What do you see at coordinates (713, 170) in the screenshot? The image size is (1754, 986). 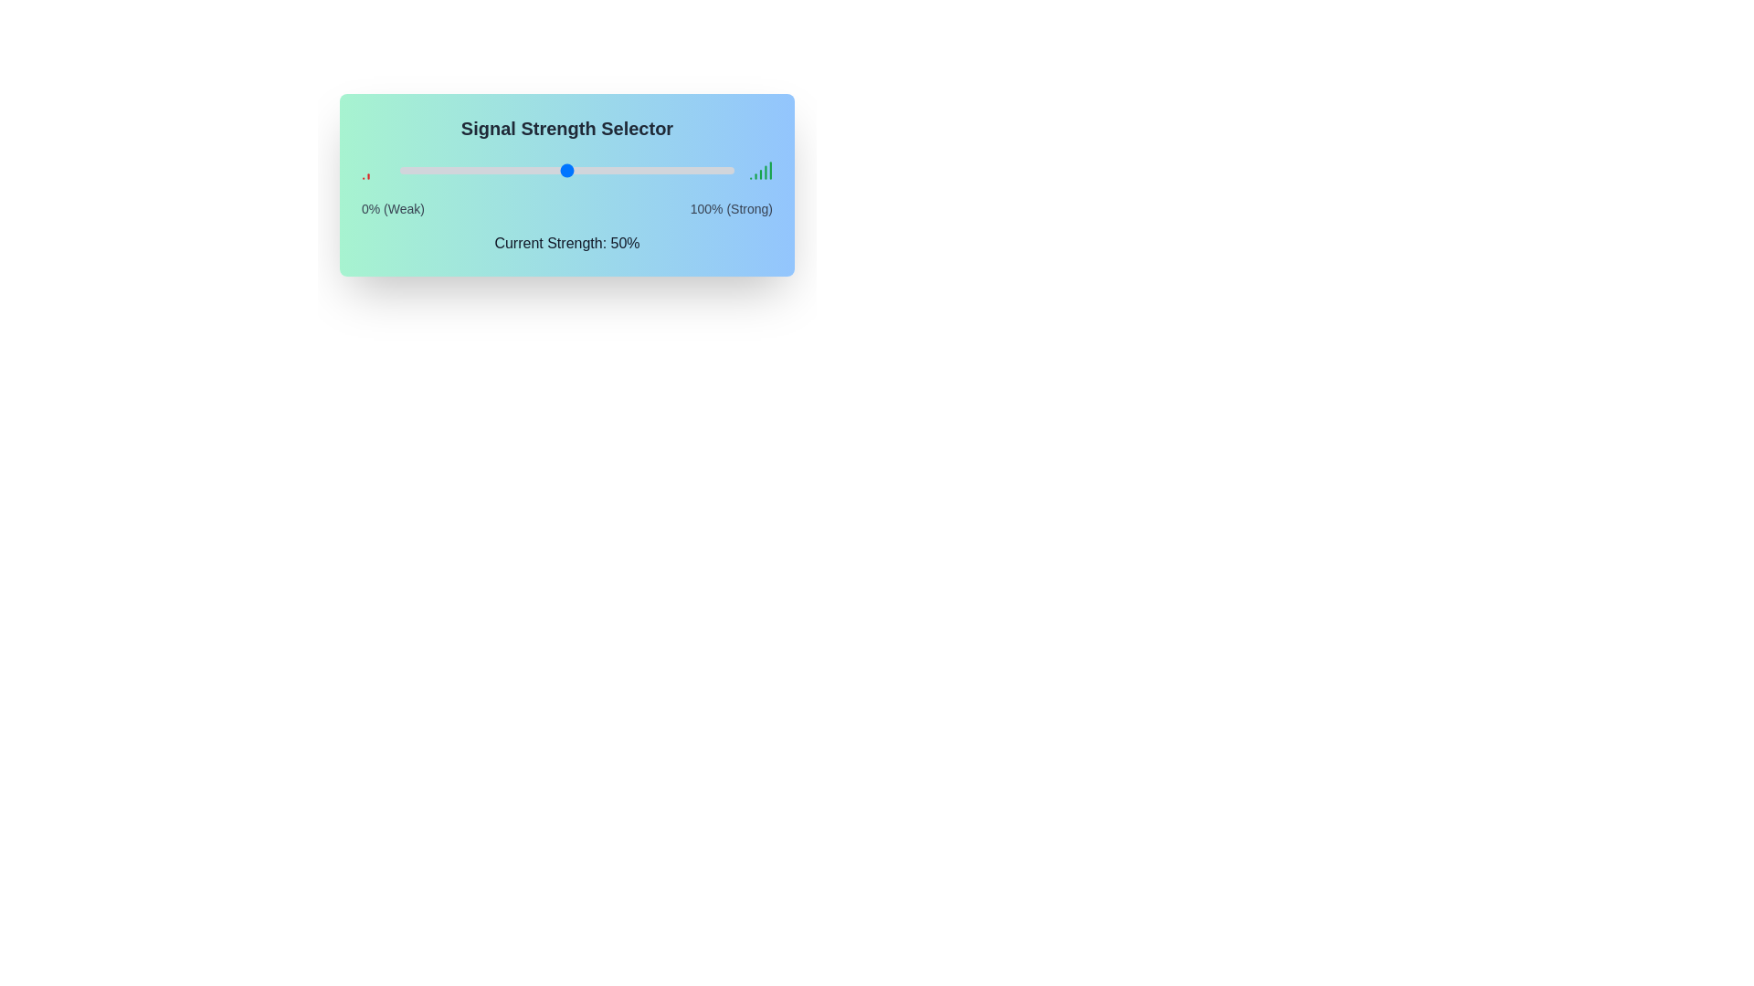 I see `the signal strength slider to 94% to observe the visual signal strength indicators` at bounding box center [713, 170].